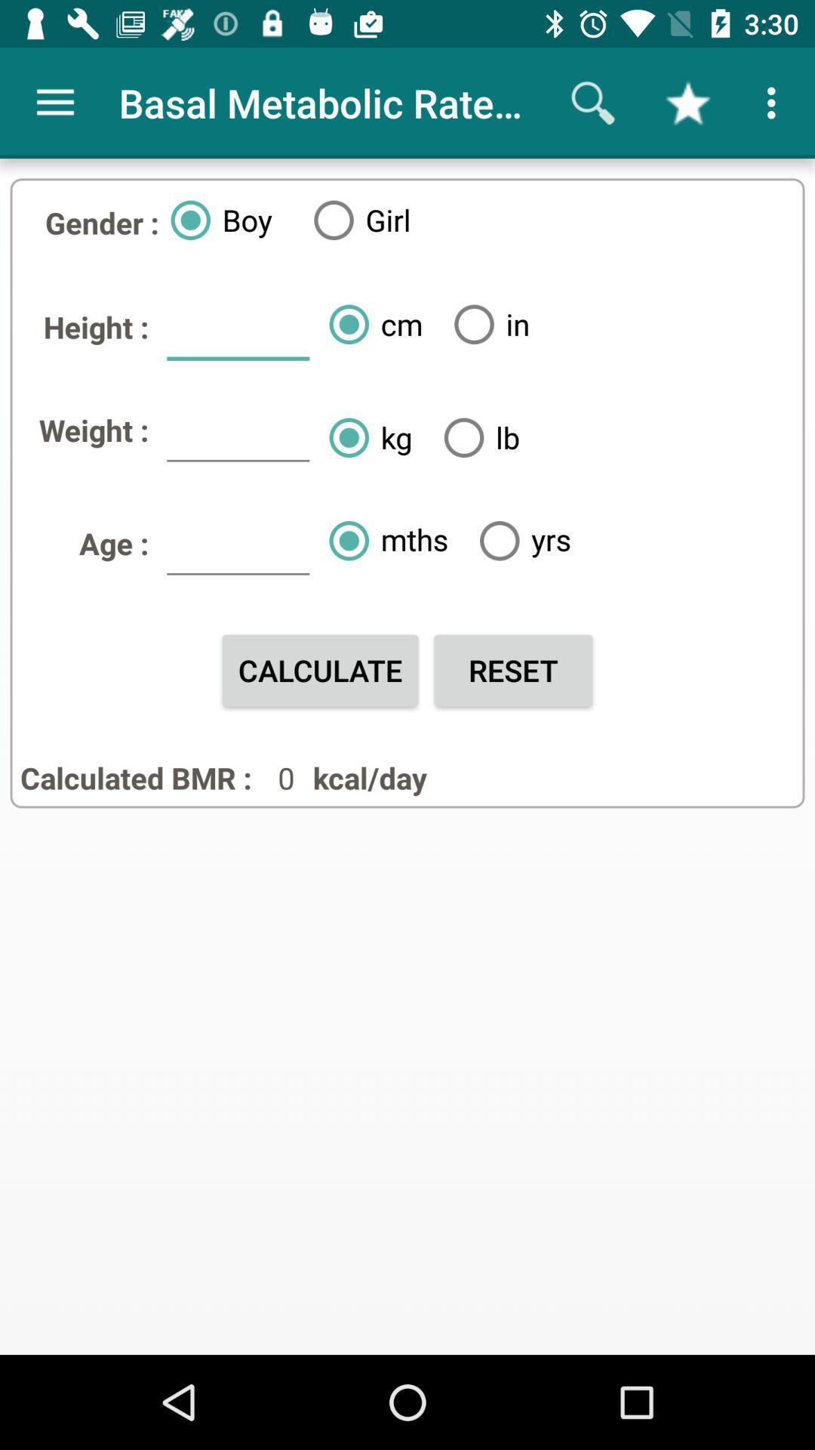  What do you see at coordinates (54, 102) in the screenshot?
I see `icon next to basal metabolic rate app` at bounding box center [54, 102].